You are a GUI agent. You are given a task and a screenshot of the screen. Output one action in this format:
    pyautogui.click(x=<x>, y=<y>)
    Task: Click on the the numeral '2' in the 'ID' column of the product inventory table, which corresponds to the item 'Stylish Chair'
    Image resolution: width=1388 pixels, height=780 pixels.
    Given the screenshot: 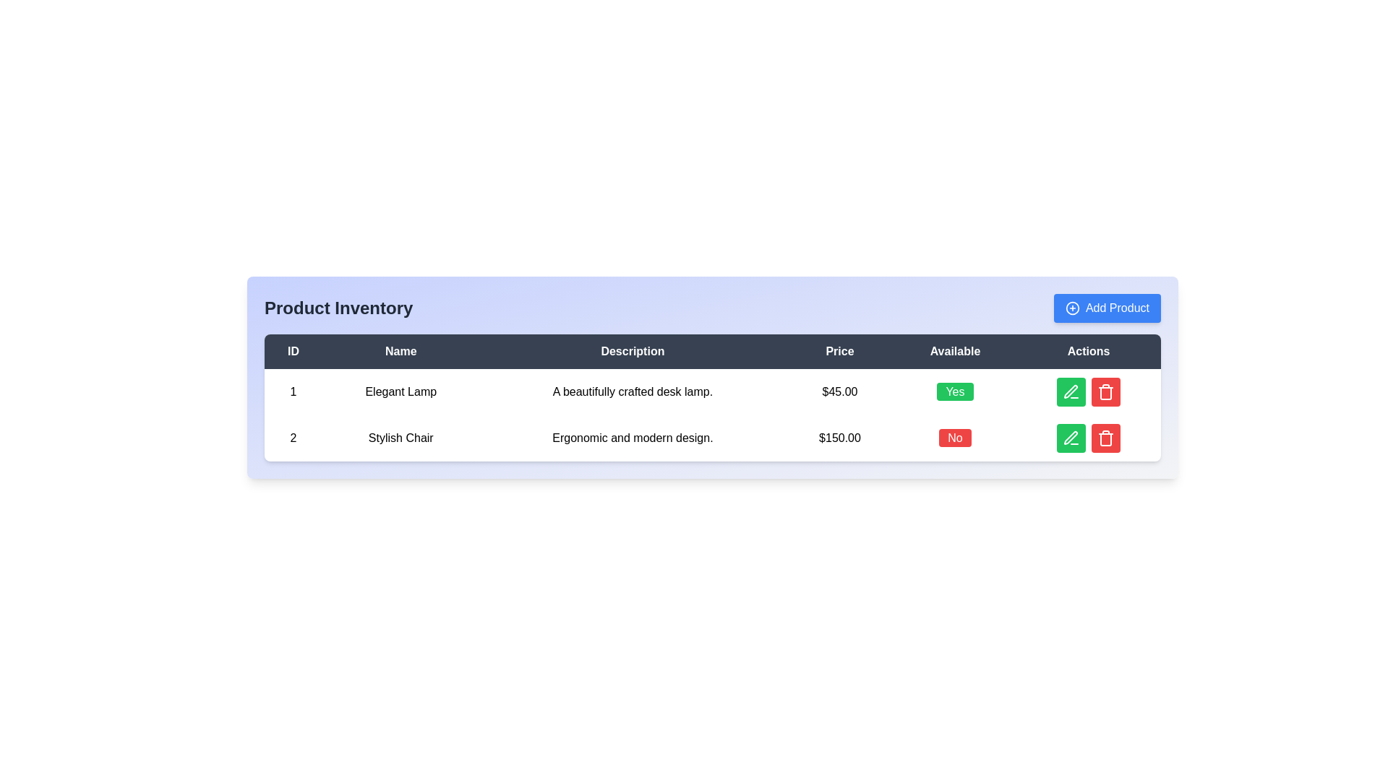 What is the action you would take?
    pyautogui.click(x=292, y=437)
    